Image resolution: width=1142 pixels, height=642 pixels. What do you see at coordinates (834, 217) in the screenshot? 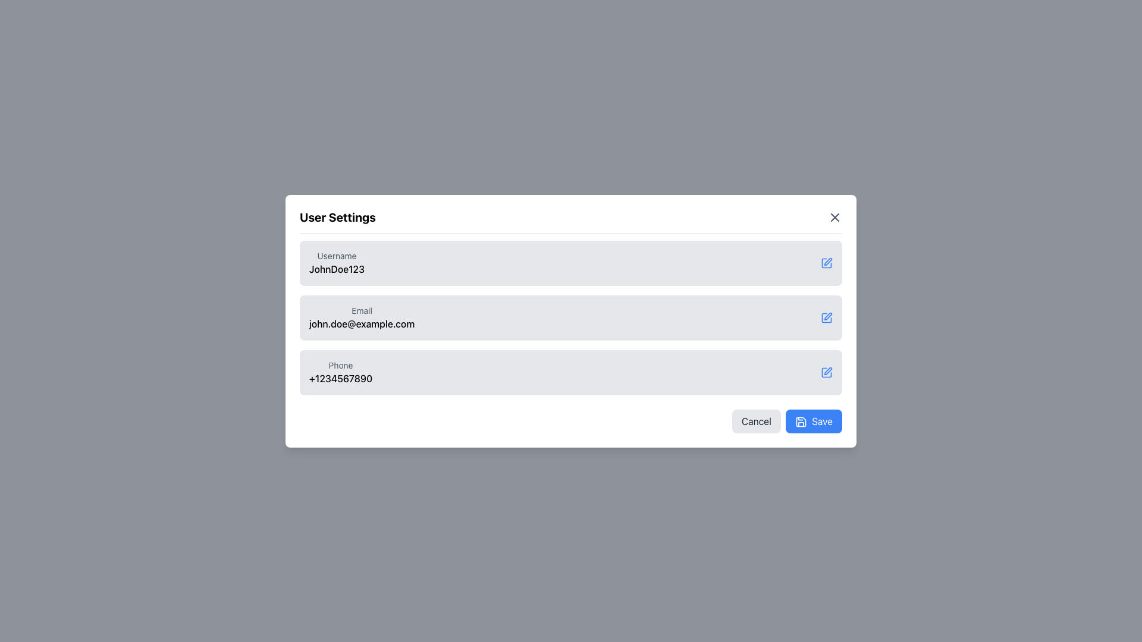
I see `the Close button located in the top-right corner of the modal` at bounding box center [834, 217].